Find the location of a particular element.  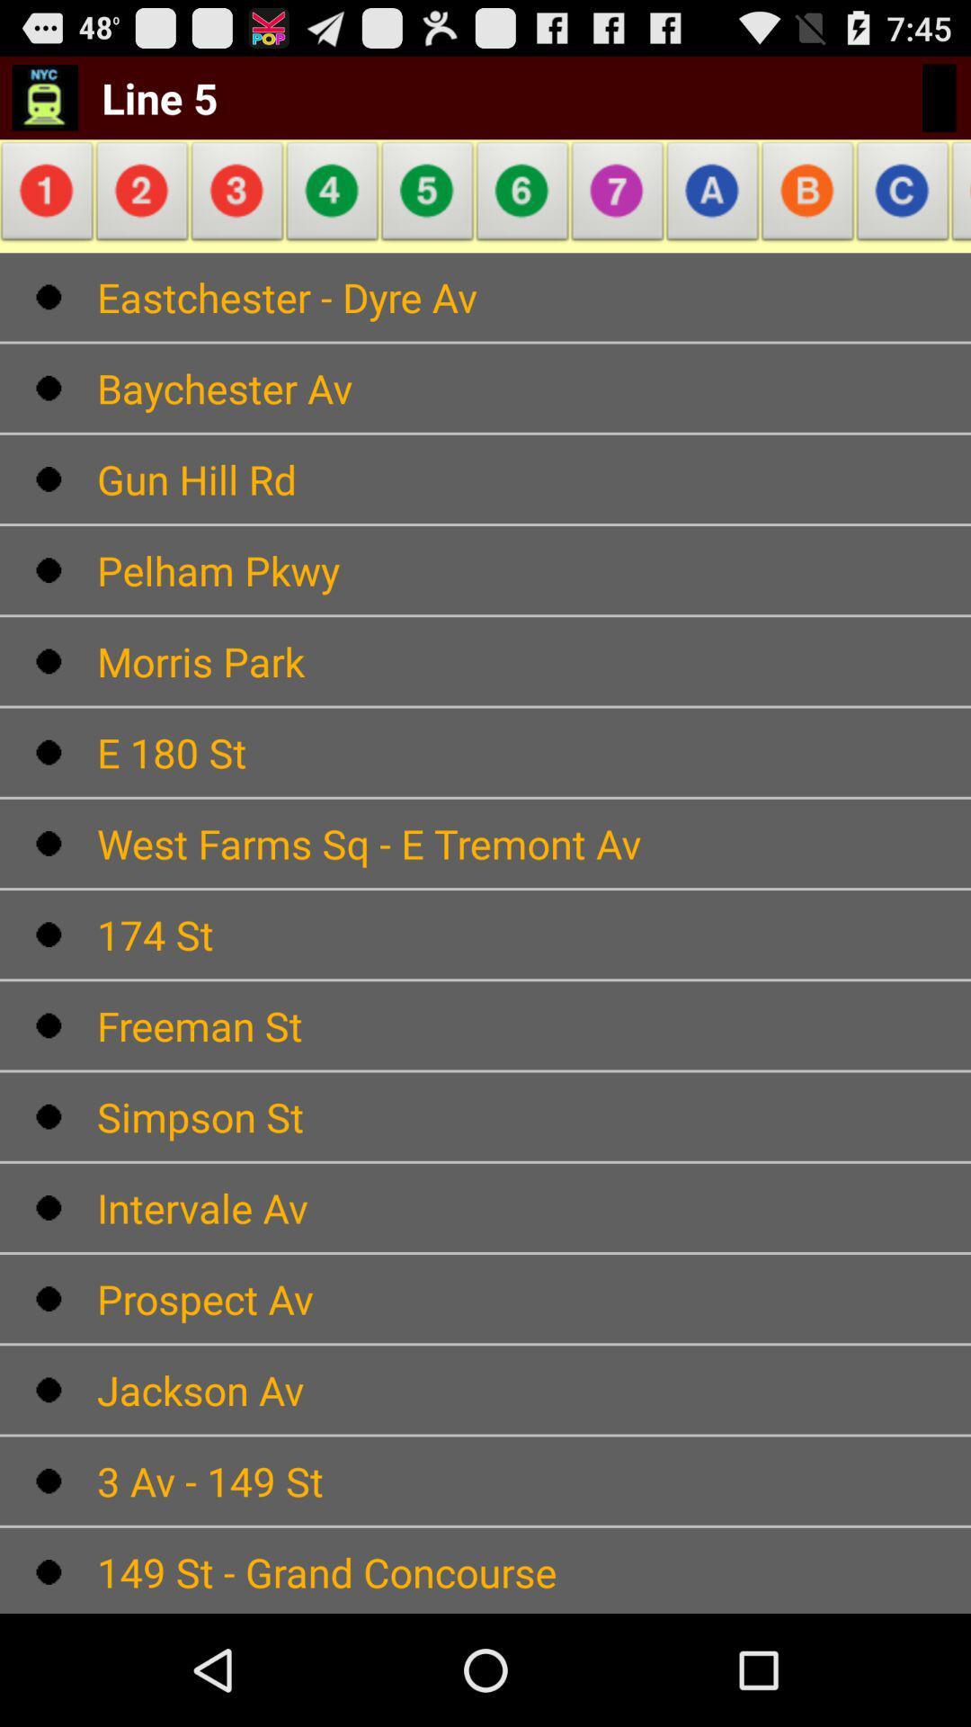

the item above the eastchester - dyre av app is located at coordinates (617, 196).